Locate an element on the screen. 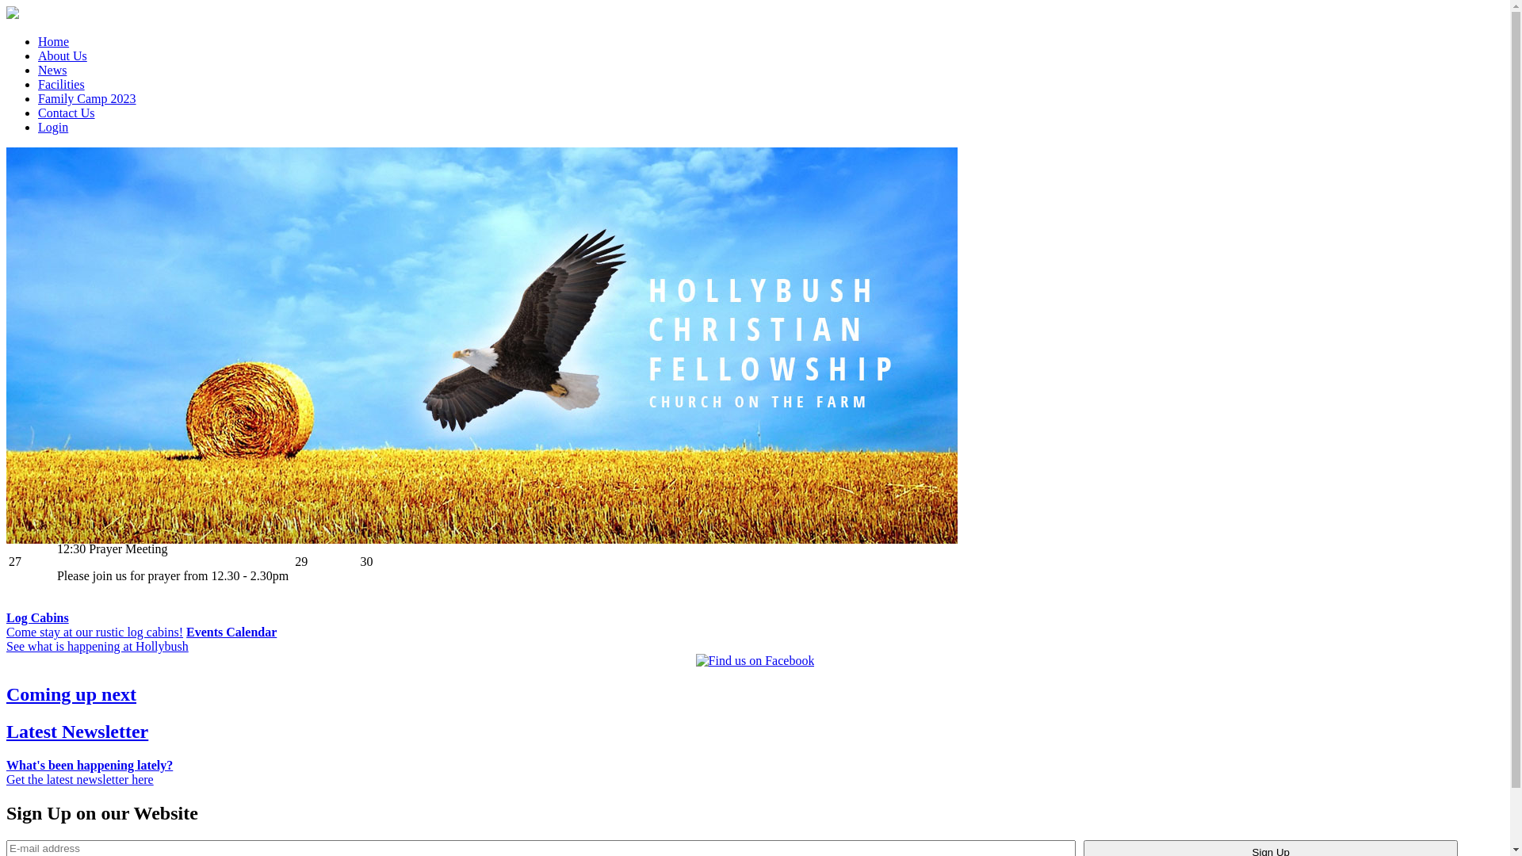 The width and height of the screenshot is (1522, 856). 'Events Calendar is located at coordinates (141, 638).